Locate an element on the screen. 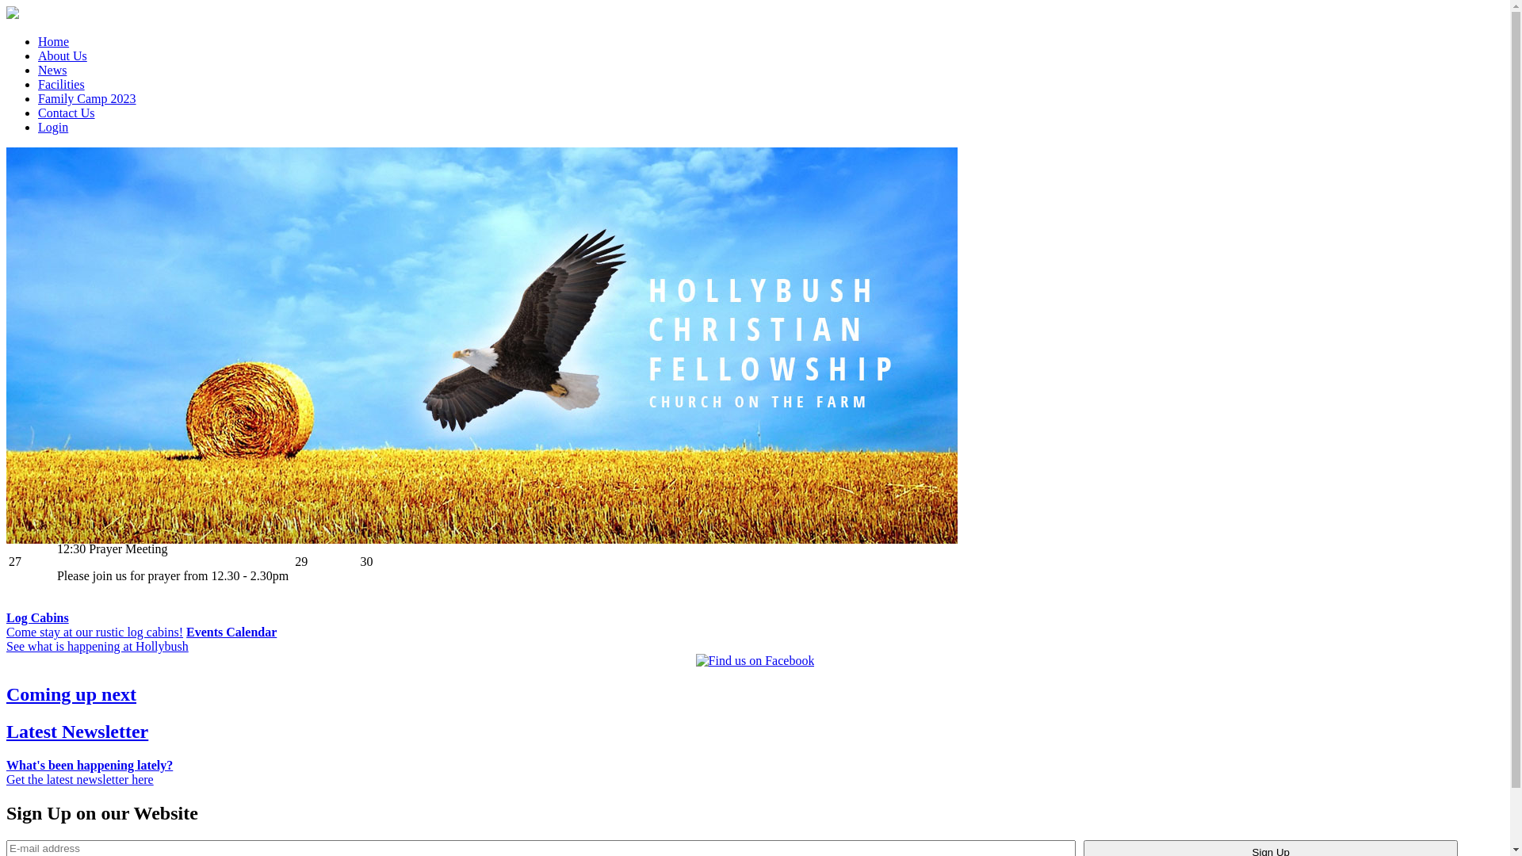 The width and height of the screenshot is (1522, 856). 'Events Calendar is located at coordinates (141, 638).